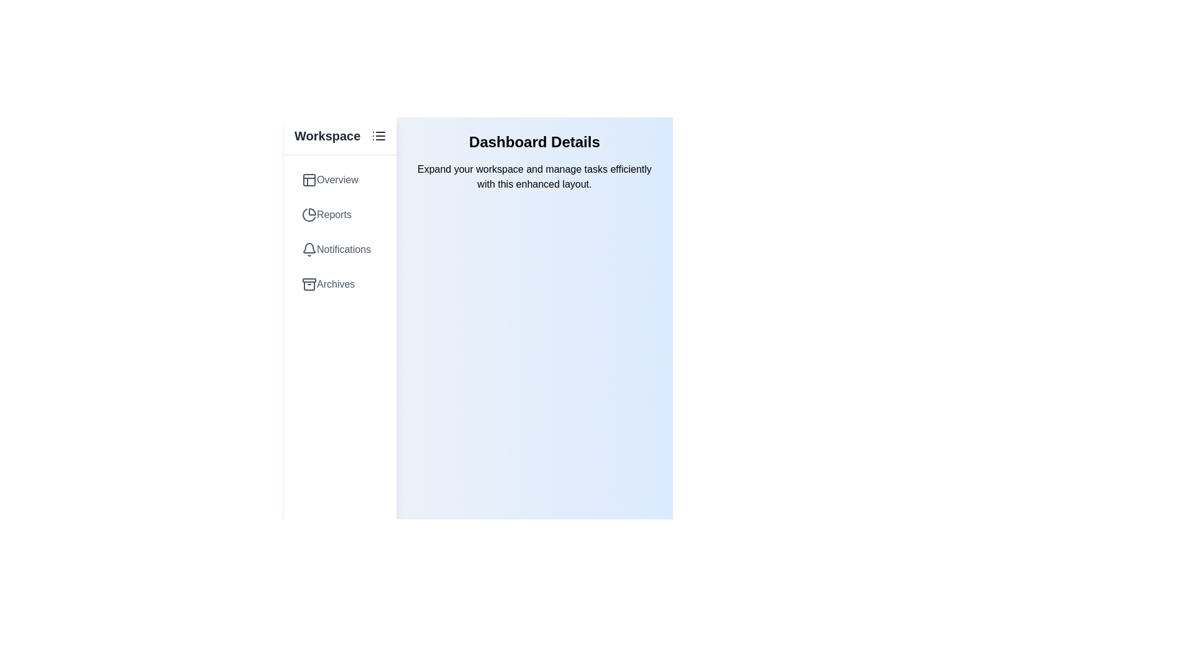 This screenshot has width=1193, height=671. Describe the element at coordinates (309, 180) in the screenshot. I see `the icon associated with the Overview list item` at that location.